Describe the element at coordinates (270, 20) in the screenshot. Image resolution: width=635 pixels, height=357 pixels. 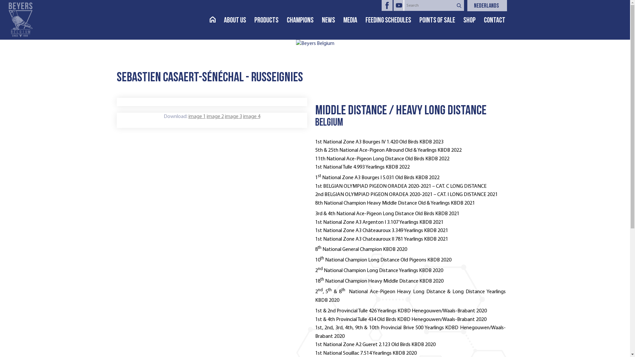
I see `'PRODUCTS'` at that location.